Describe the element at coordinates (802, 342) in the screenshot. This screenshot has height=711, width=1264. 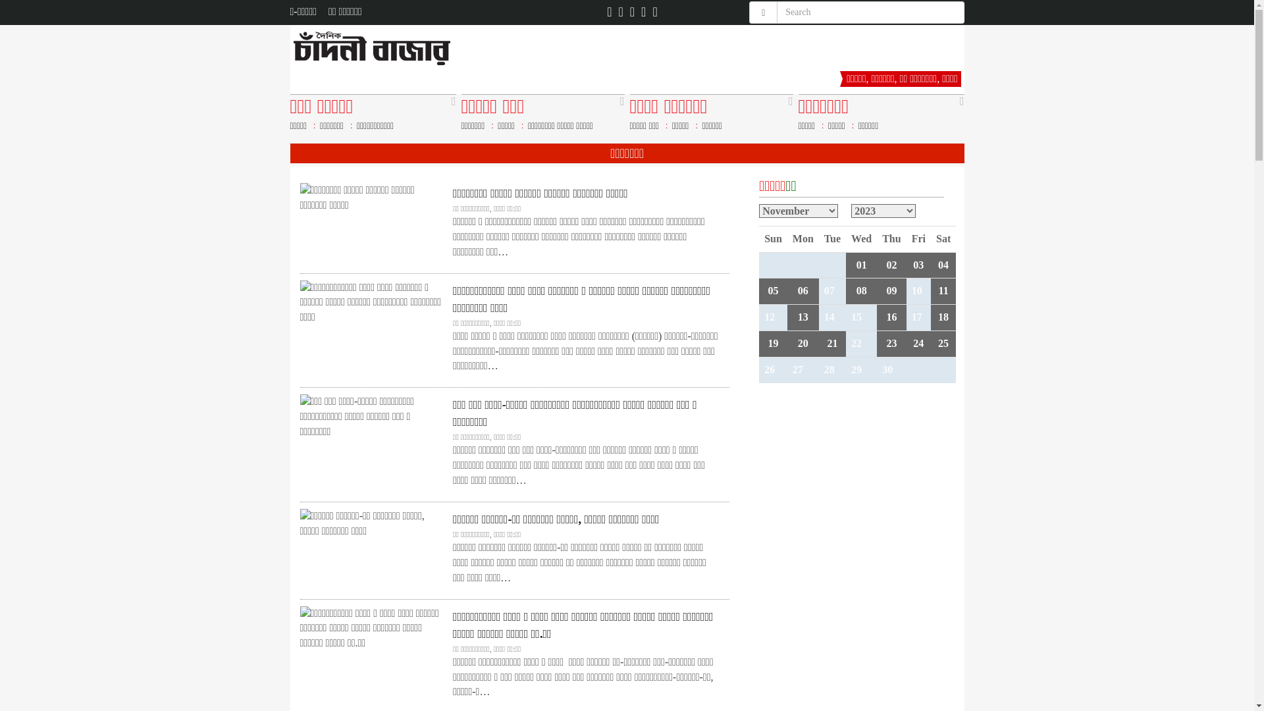
I see `'20'` at that location.